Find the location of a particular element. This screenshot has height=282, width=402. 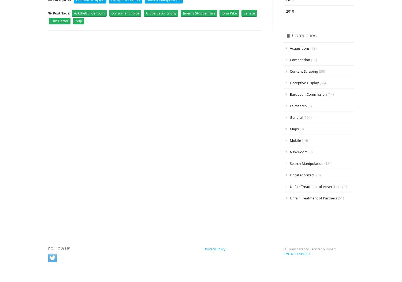

'Categories' is located at coordinates (304, 35).